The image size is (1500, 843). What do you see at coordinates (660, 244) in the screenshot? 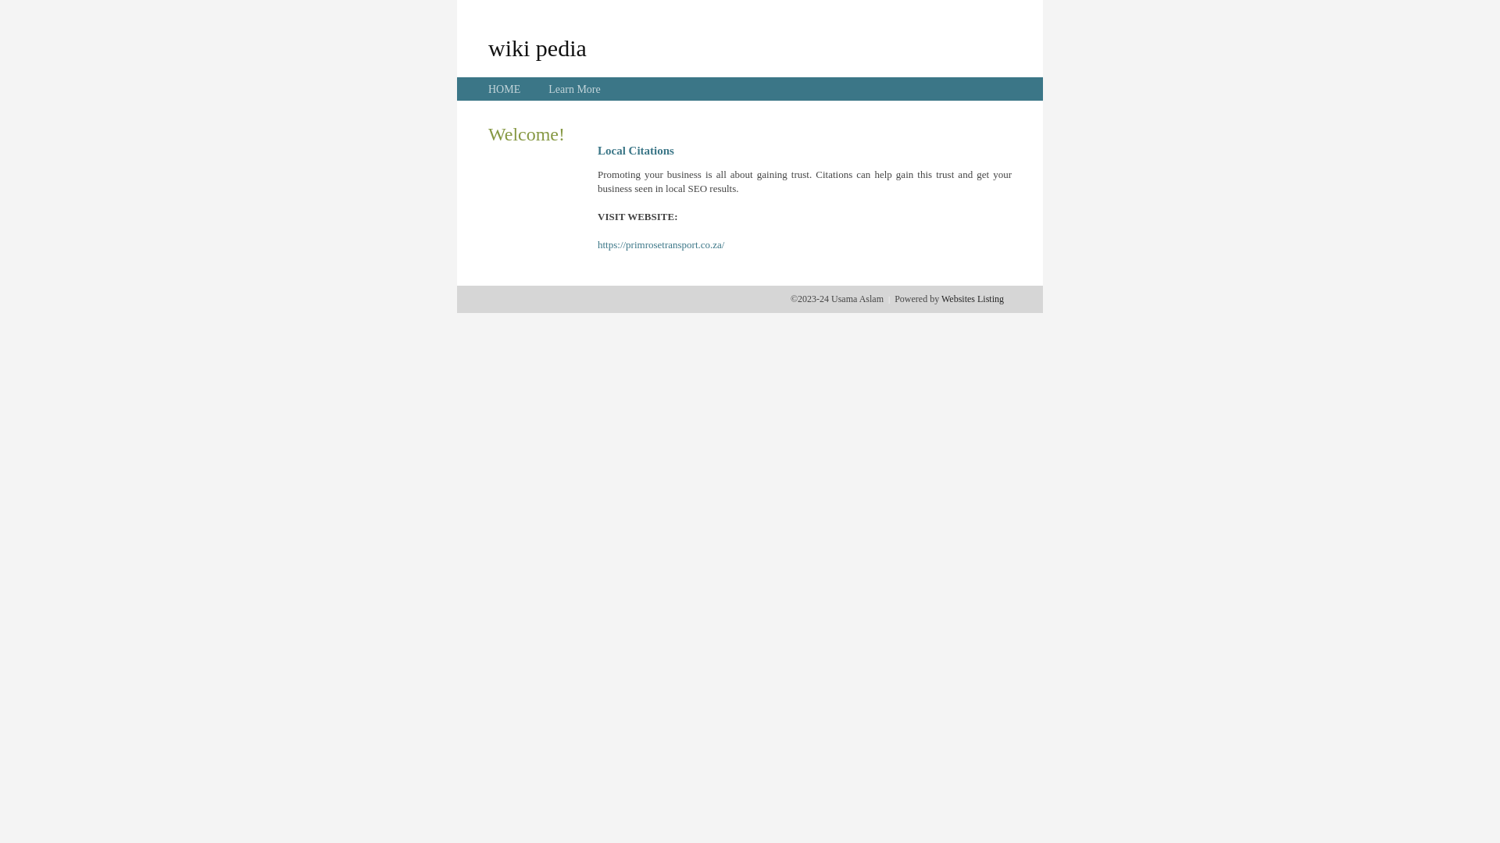
I see `'https://primrosetransport.co.za/'` at bounding box center [660, 244].